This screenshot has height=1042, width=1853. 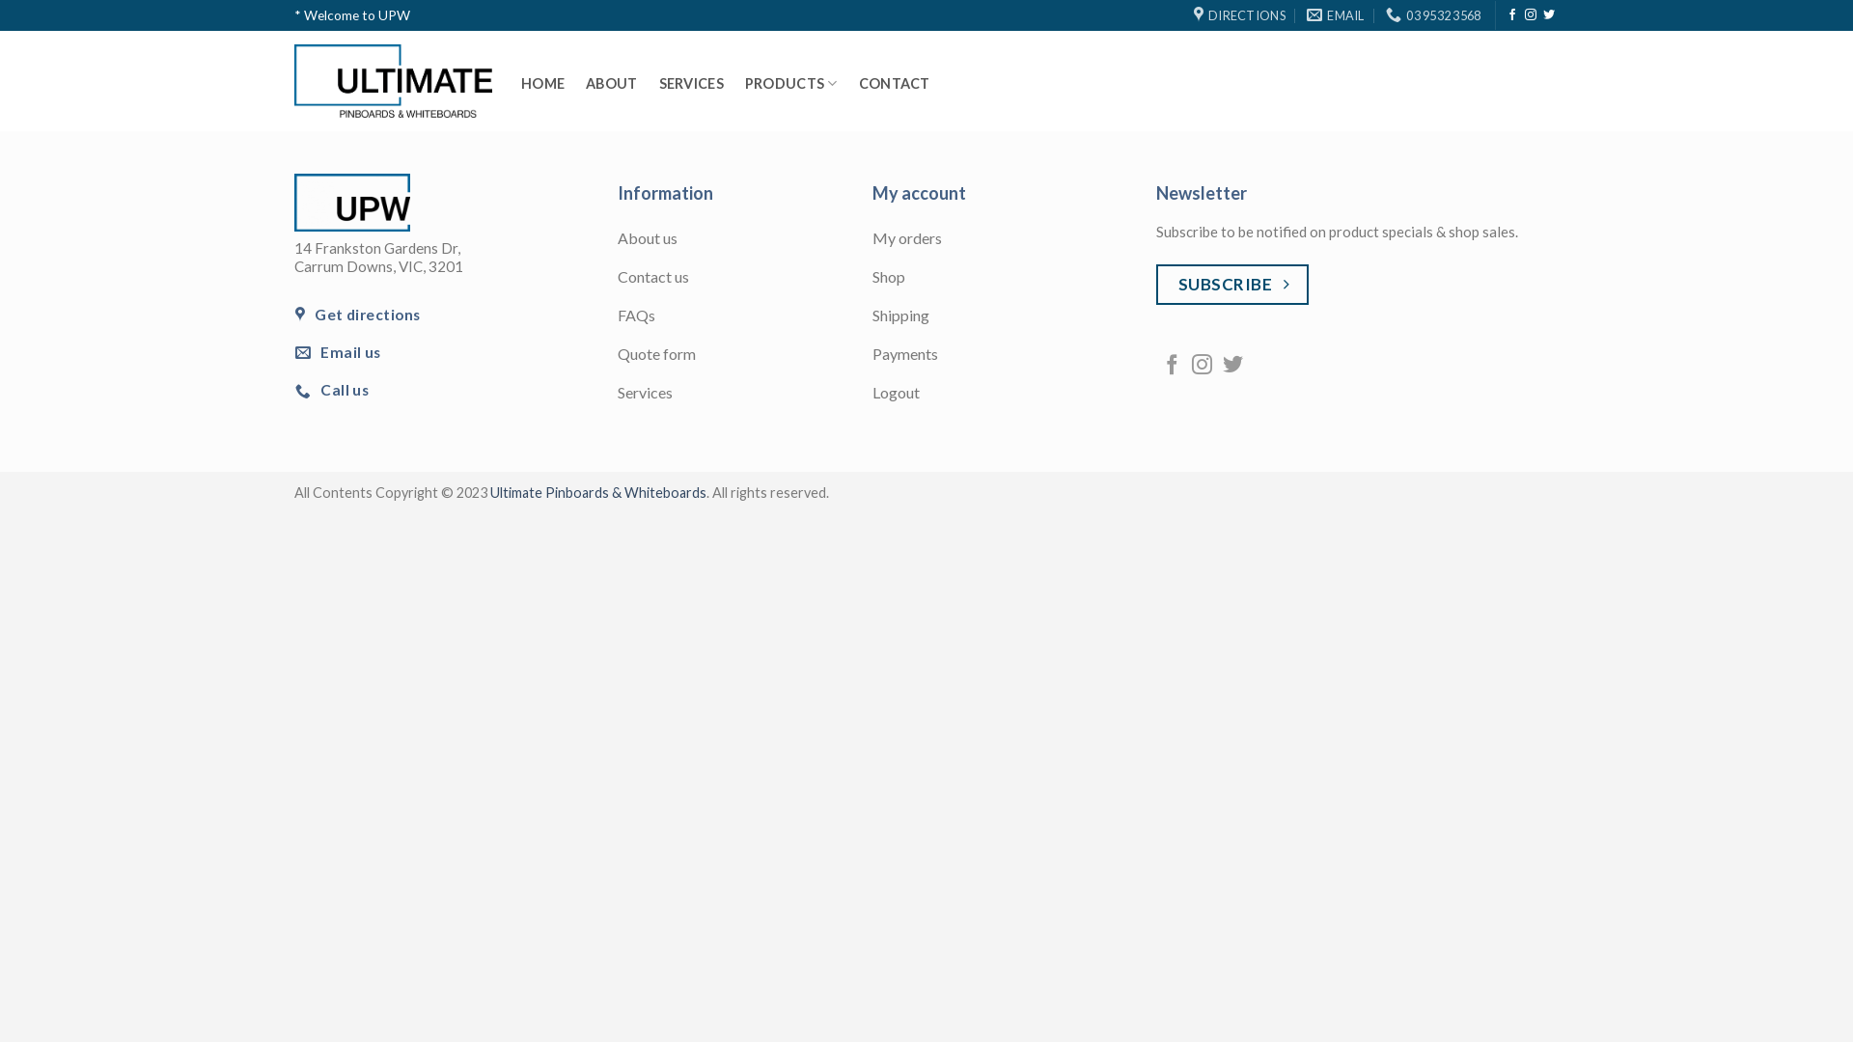 I want to click on 'Call us', so click(x=333, y=390).